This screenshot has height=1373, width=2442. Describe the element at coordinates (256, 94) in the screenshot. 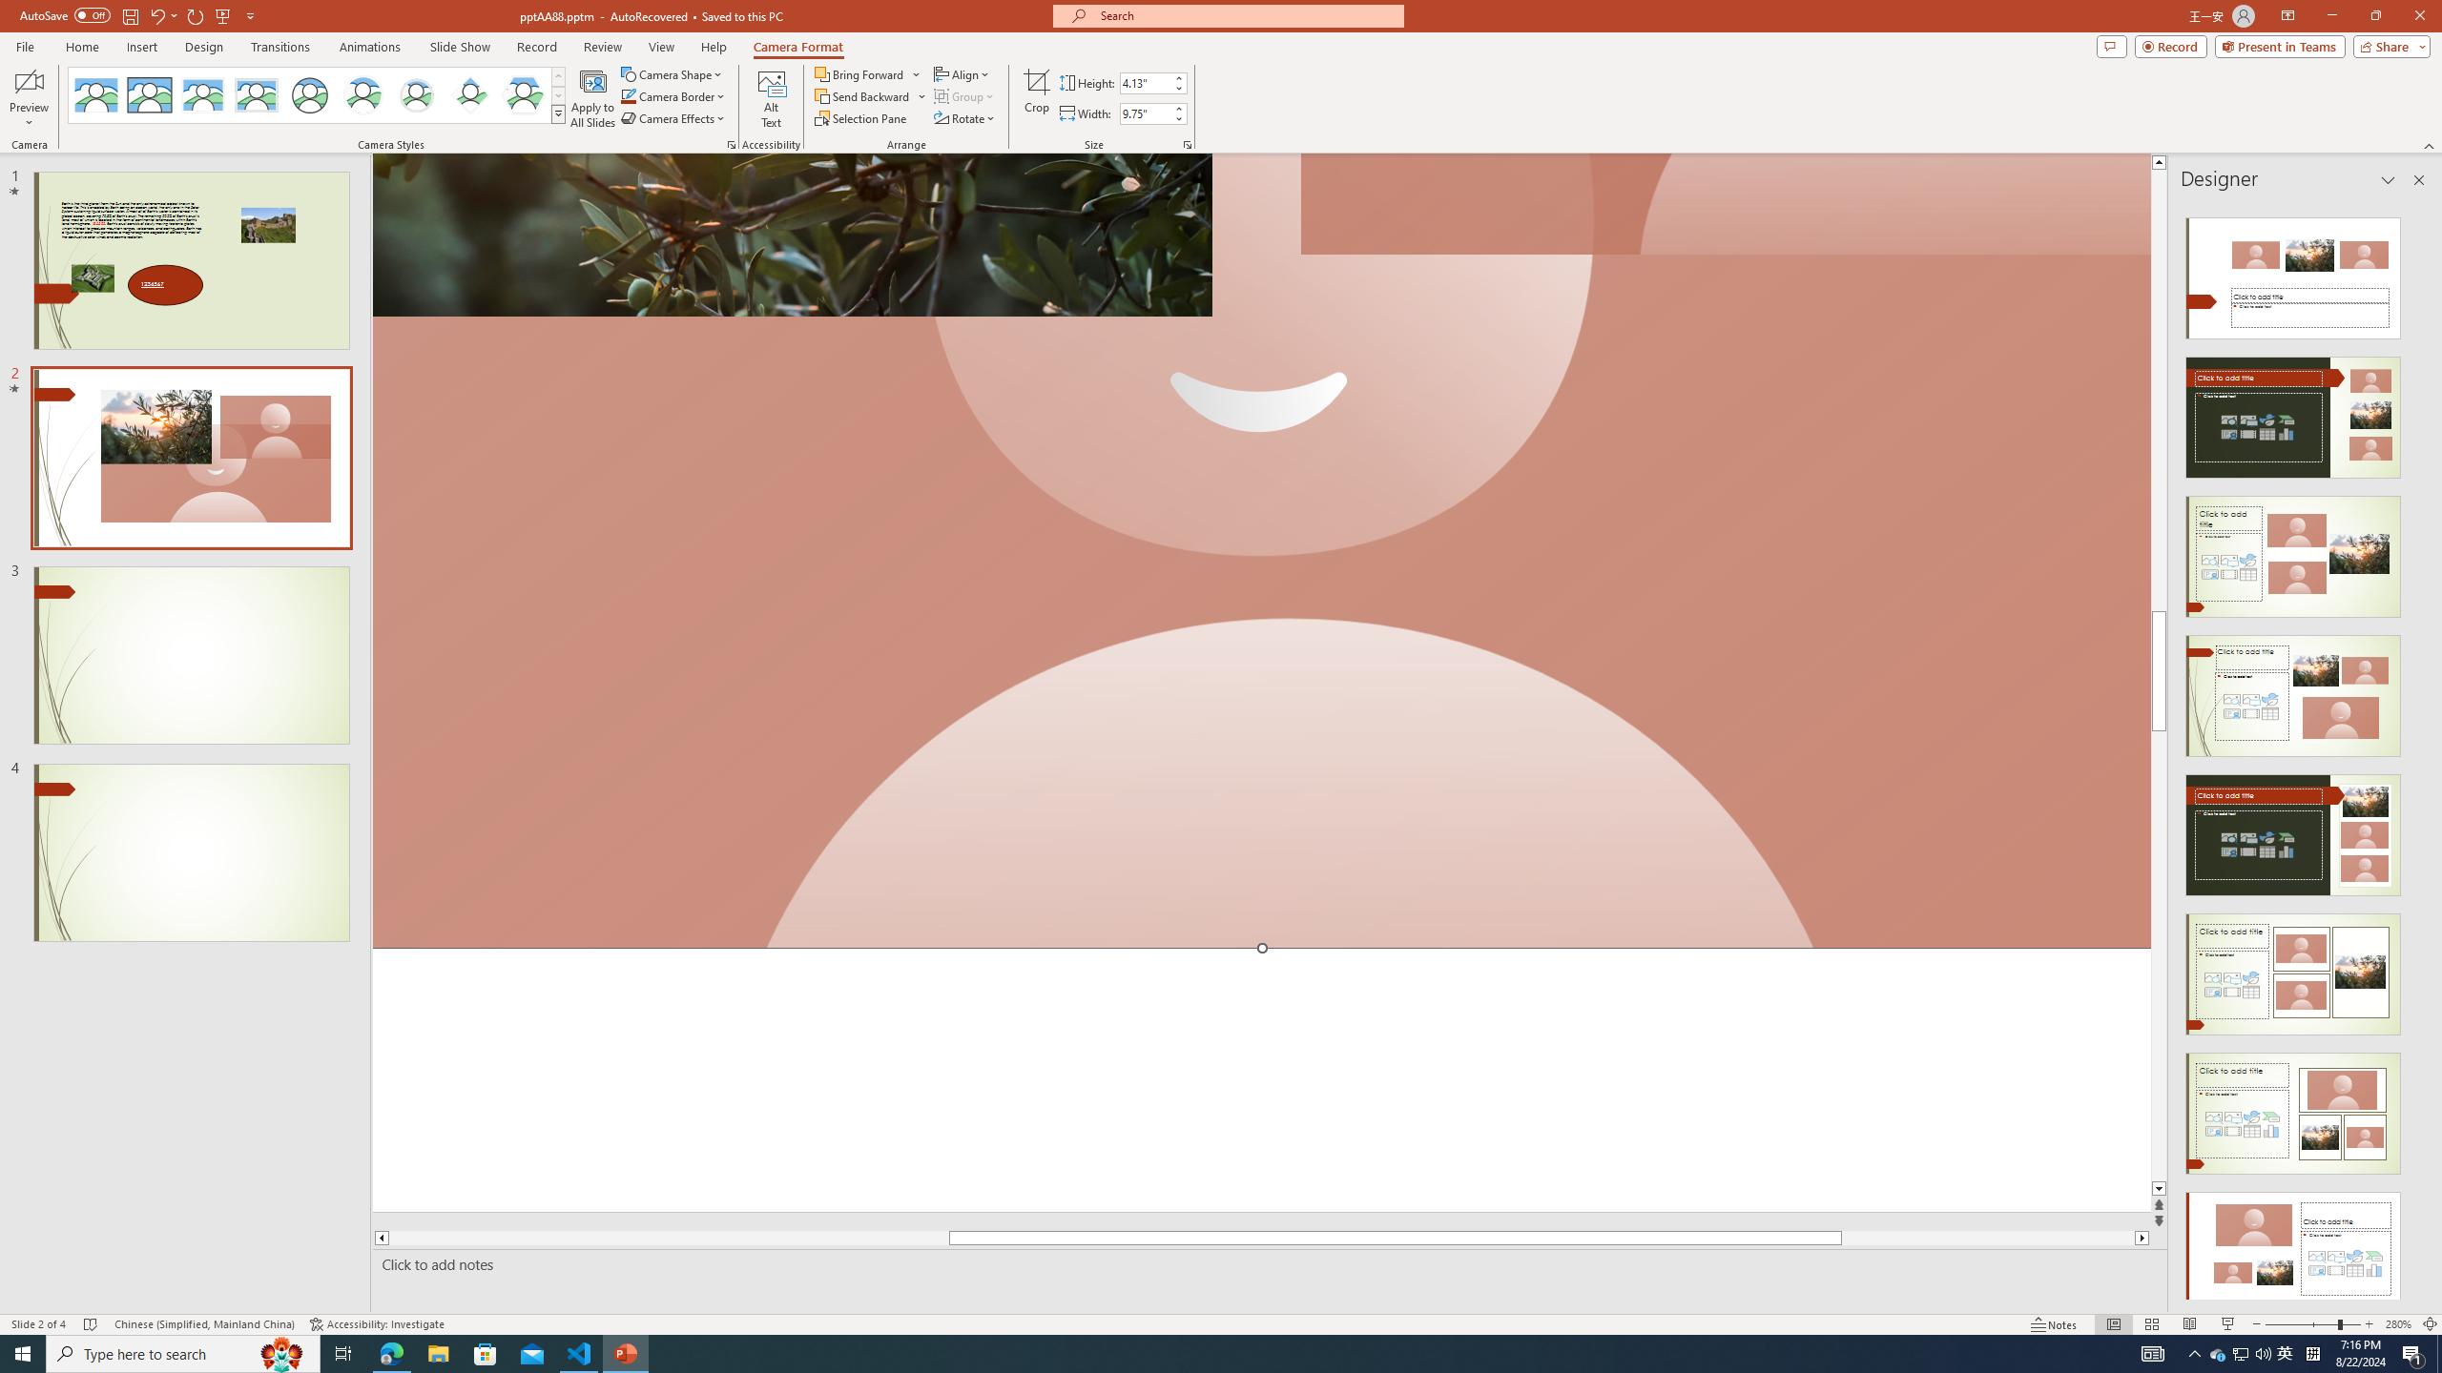

I see `'Soft Edge Rectangle'` at that location.